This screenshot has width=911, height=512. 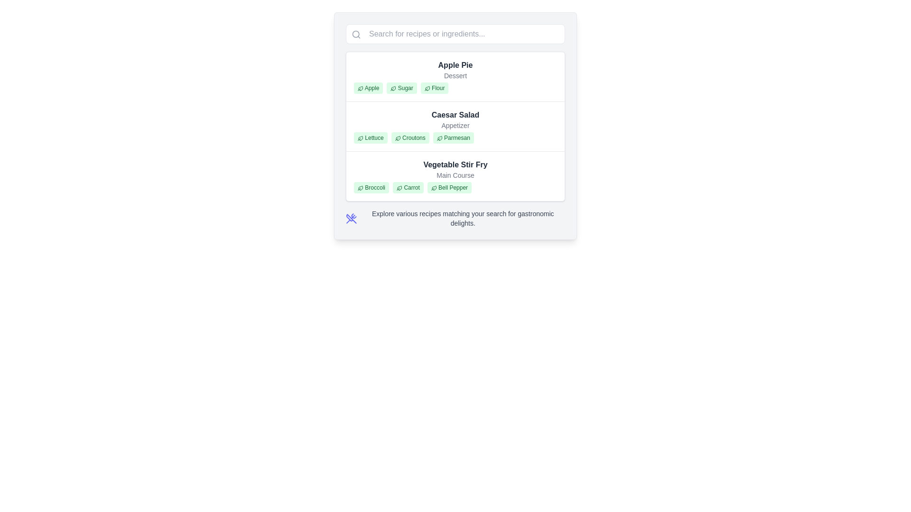 I want to click on the label 'Sugar' which is the second item in the horizontal list under the section labeled 'Apple Pie', so click(x=402, y=88).